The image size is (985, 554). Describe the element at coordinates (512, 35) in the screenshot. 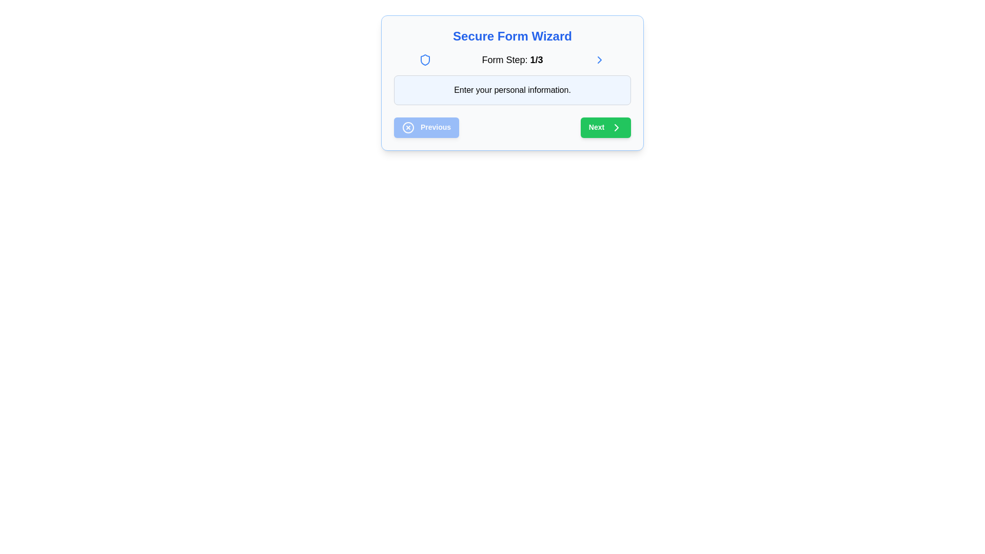

I see `the non-interactive text header element displaying 'Secure Form Wizard' at the top of the form` at that location.